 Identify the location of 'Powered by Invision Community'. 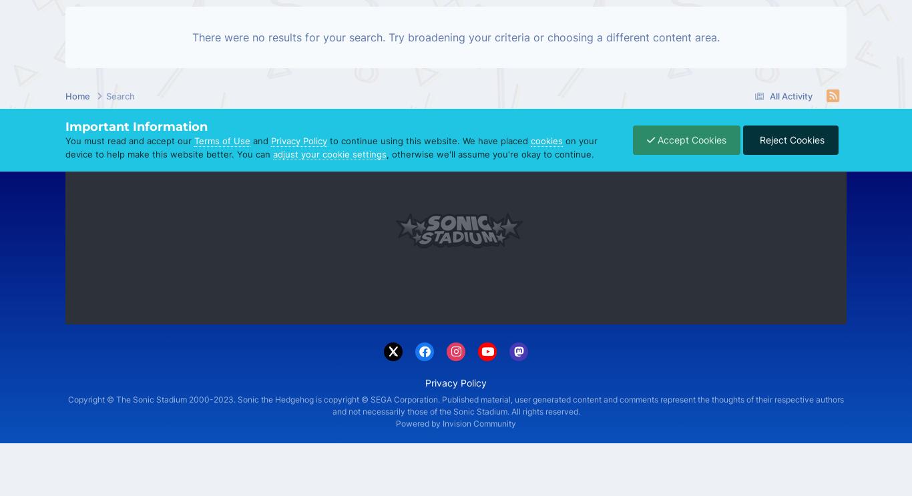
(456, 423).